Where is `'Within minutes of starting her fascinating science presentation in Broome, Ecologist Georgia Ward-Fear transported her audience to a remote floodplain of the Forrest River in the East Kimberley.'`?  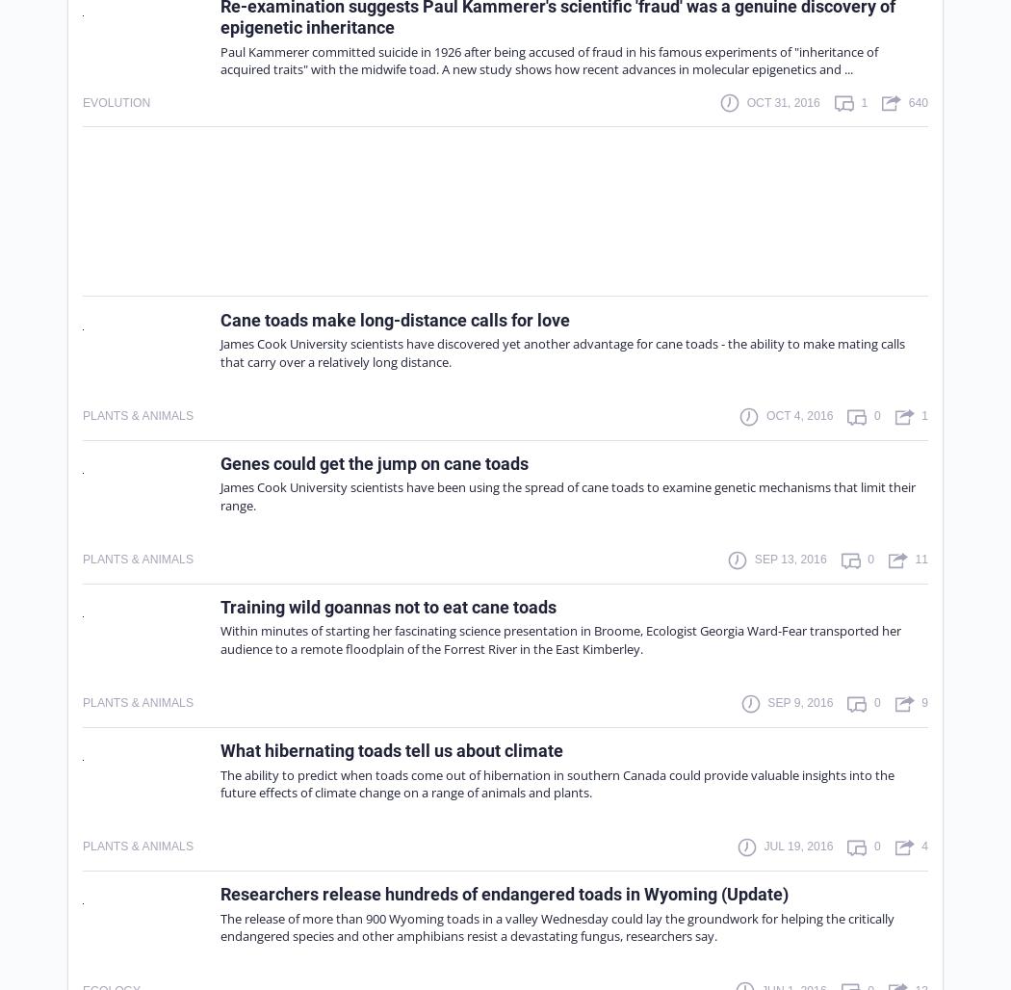 'Within minutes of starting her fascinating science presentation in Broome, Ecologist Georgia Ward-Fear transported her audience to a remote floodplain of the Forrest River in the East Kimberley.' is located at coordinates (220, 638).